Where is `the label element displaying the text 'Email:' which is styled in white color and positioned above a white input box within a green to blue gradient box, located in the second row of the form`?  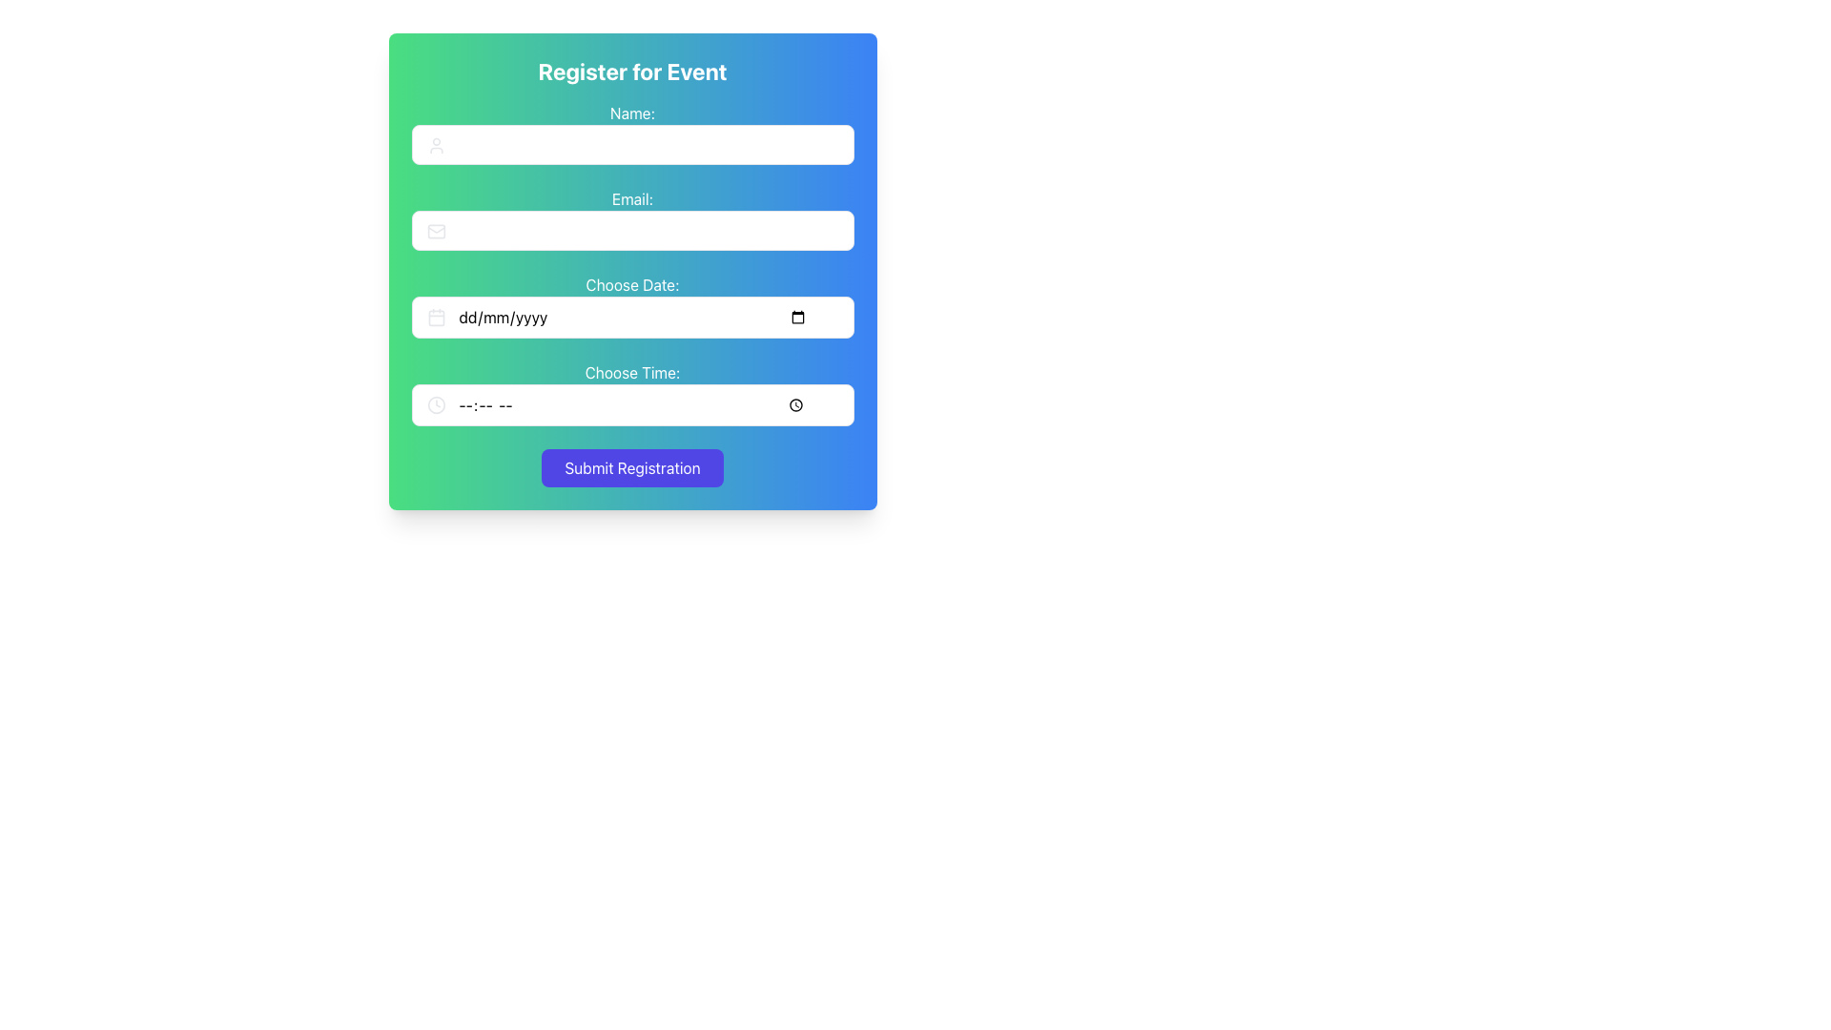 the label element displaying the text 'Email:' which is styled in white color and positioned above a white input box within a green to blue gradient box, located in the second row of the form is located at coordinates (632, 218).